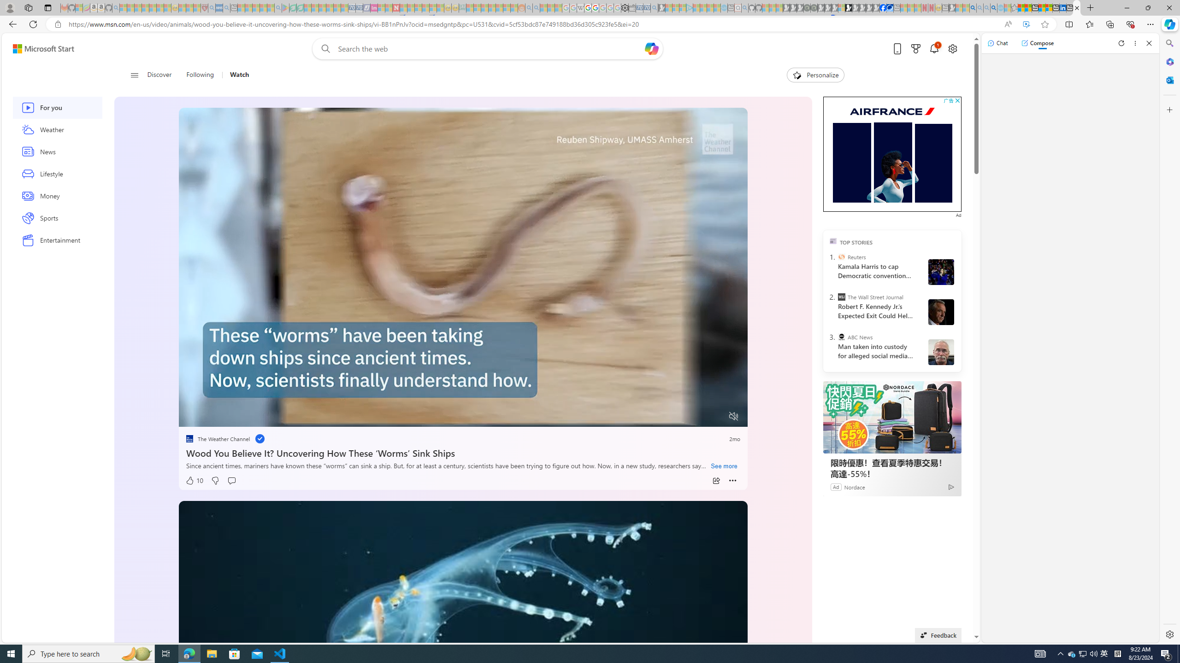 The image size is (1180, 663). Describe the element at coordinates (323, 49) in the screenshot. I see `'Web search'` at that location.